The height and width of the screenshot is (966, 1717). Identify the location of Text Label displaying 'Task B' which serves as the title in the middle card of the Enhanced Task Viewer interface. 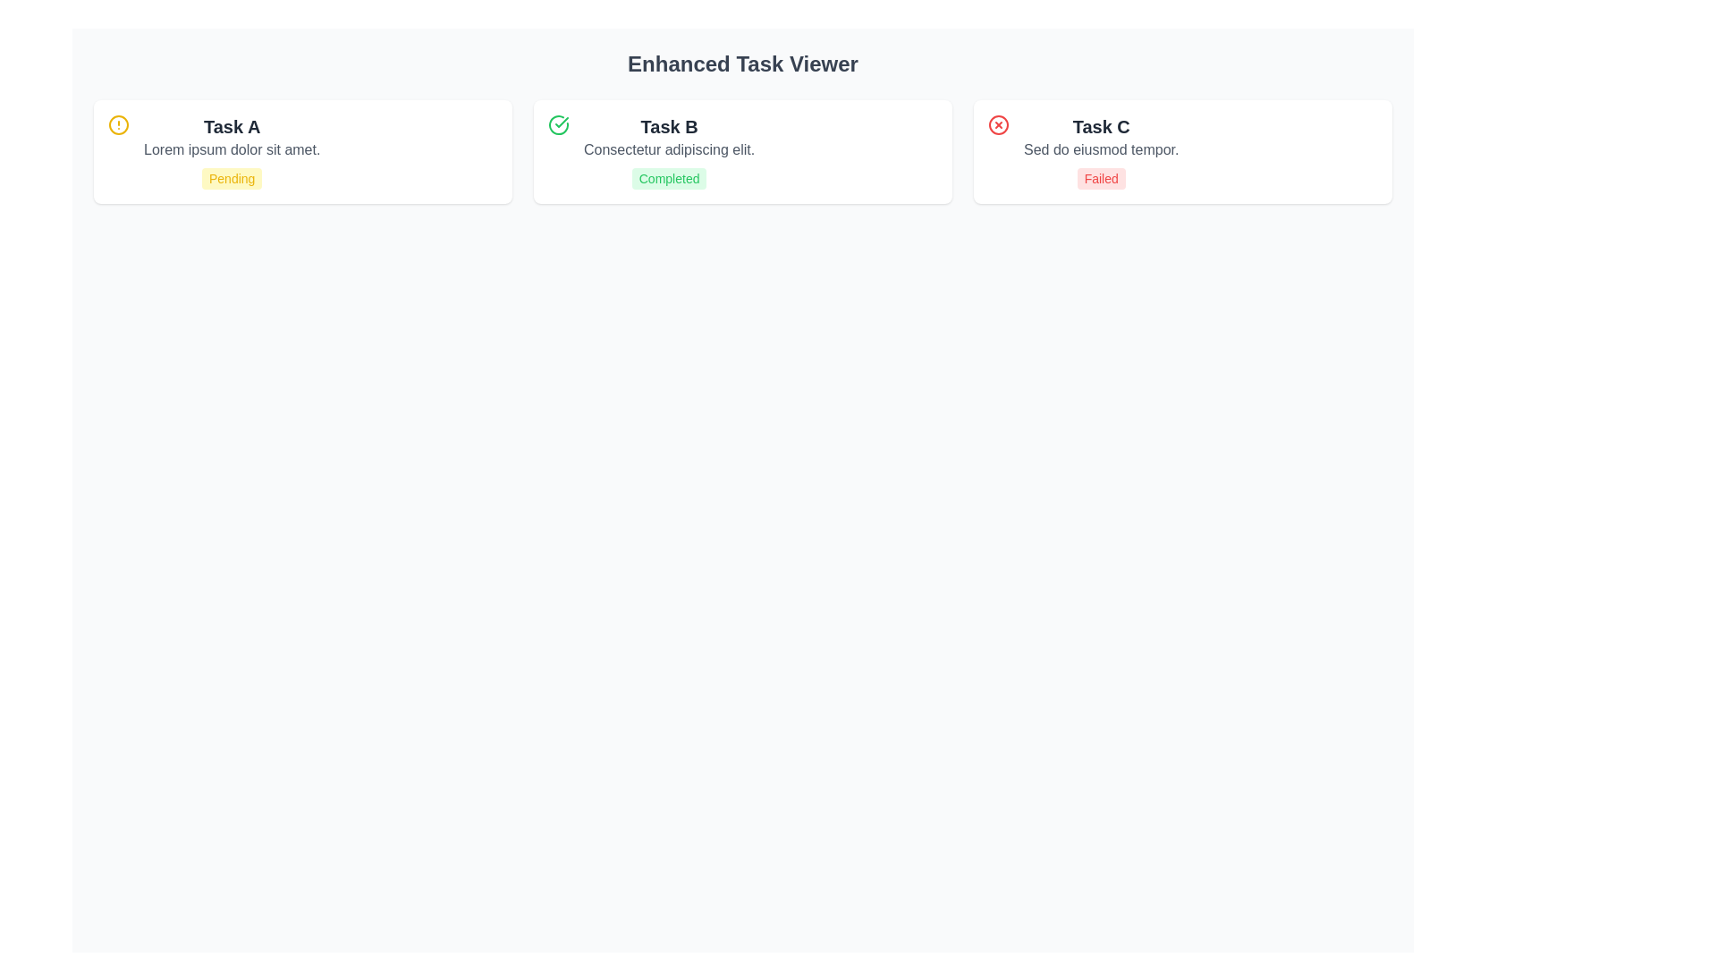
(668, 126).